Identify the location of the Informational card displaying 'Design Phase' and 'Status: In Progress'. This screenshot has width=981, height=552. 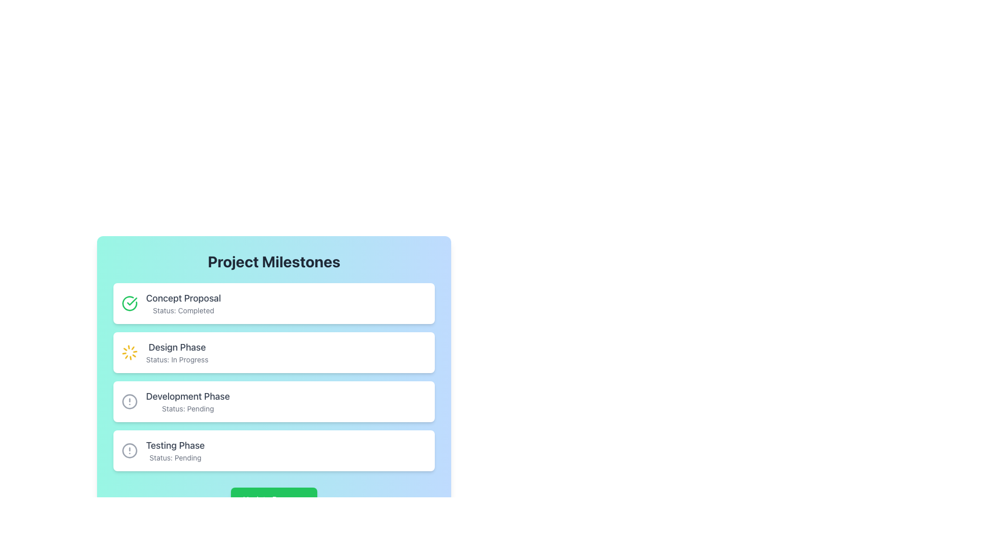
(274, 352).